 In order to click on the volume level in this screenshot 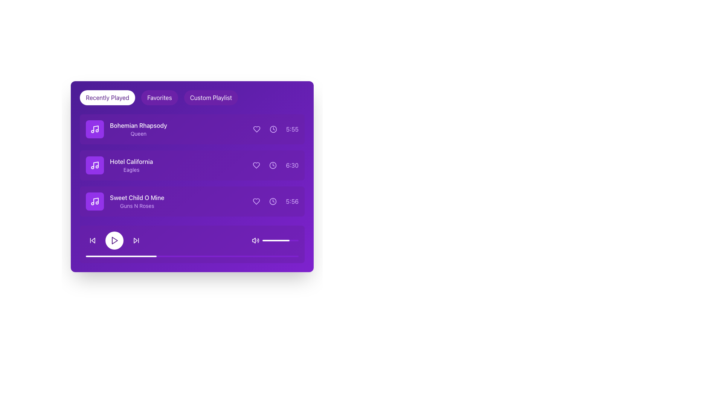, I will do `click(283, 241)`.